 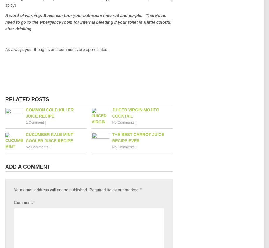 I want to click on 'As always your thoughts and comments are appreciated.', so click(x=5, y=49).